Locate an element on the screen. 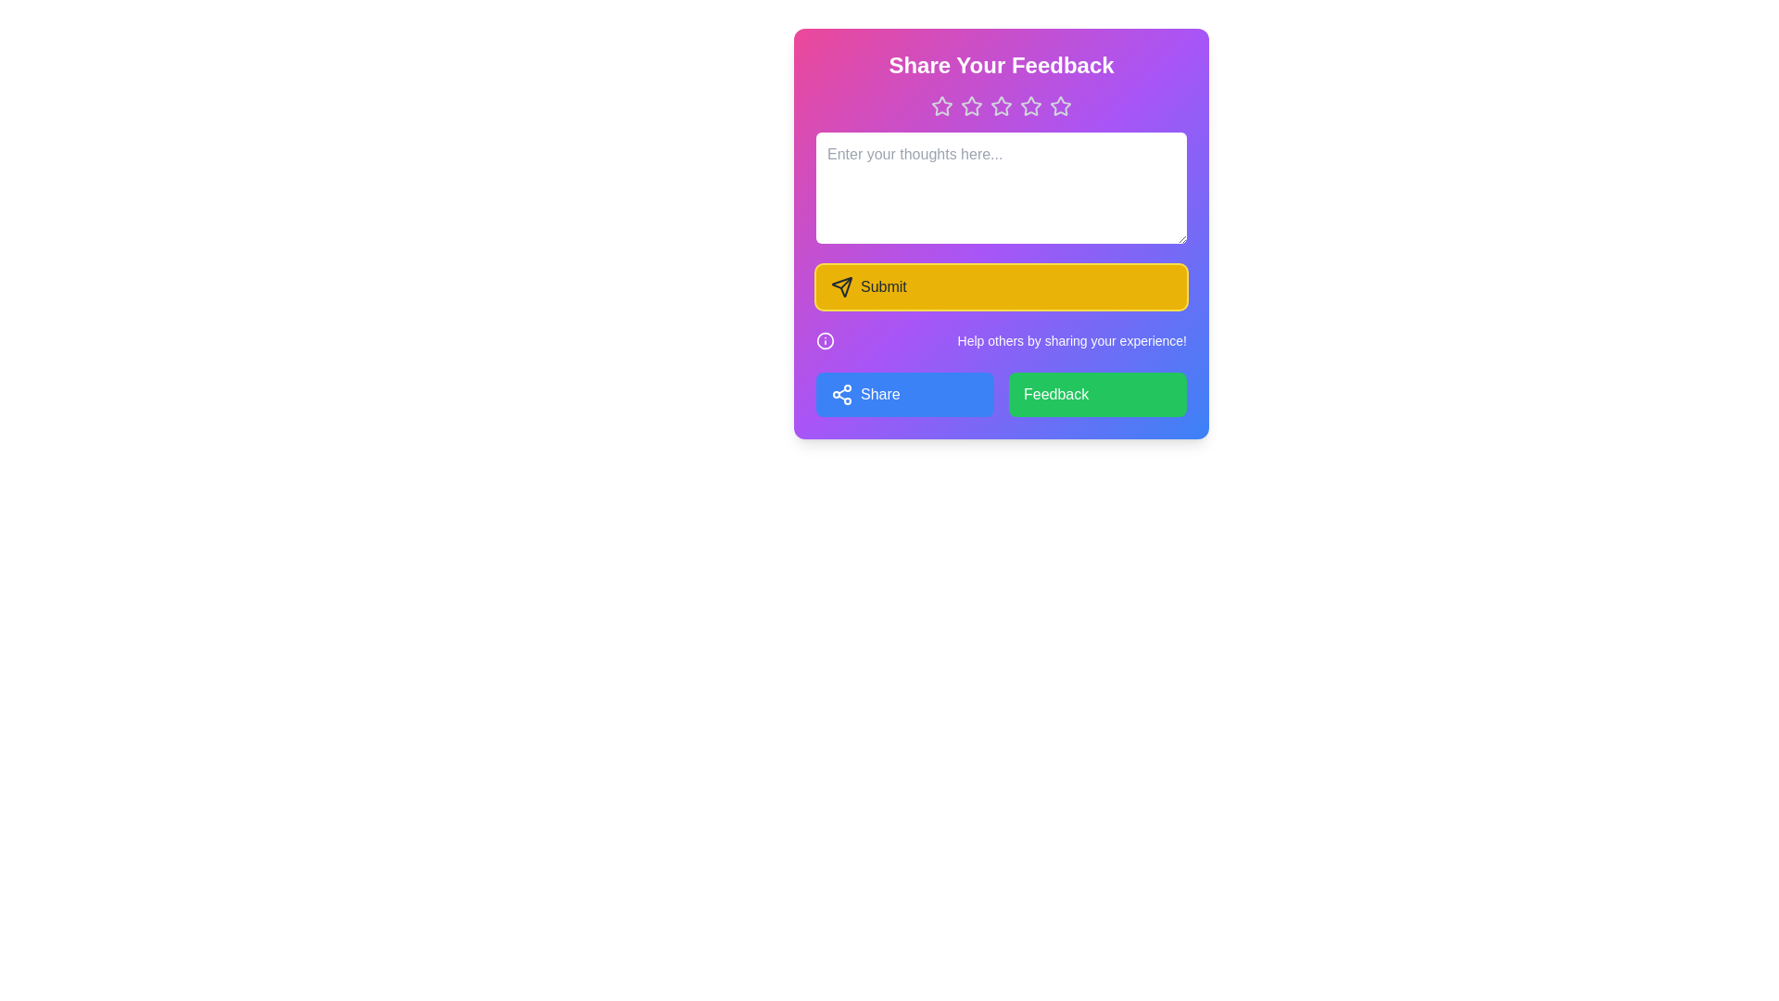 This screenshot has width=1779, height=1001. the fourth star icon in the horizontal sequence of five stars is located at coordinates (1030, 106).